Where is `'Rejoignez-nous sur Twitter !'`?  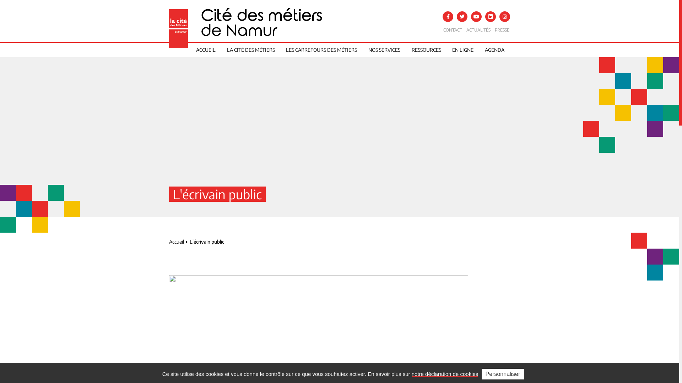 'Rejoignez-nous sur Twitter !' is located at coordinates (462, 16).